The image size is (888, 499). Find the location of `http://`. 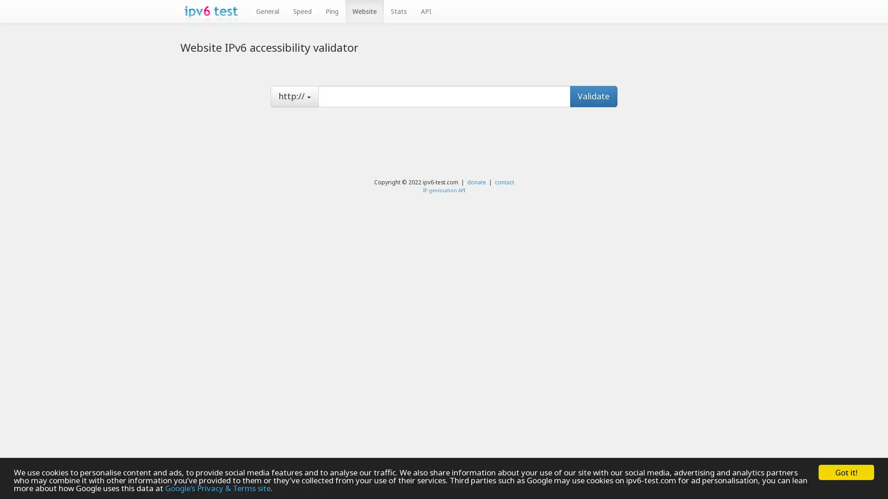

http:// is located at coordinates (294, 96).